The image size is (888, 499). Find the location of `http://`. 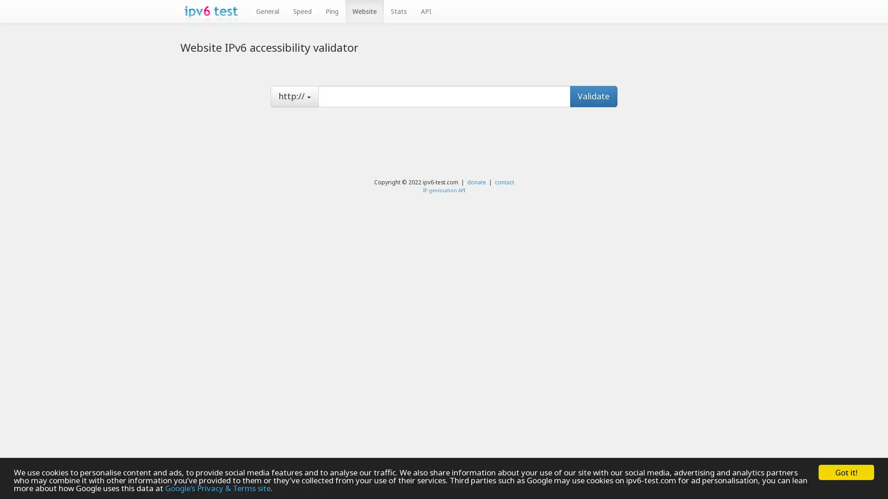

http:// is located at coordinates (294, 96).